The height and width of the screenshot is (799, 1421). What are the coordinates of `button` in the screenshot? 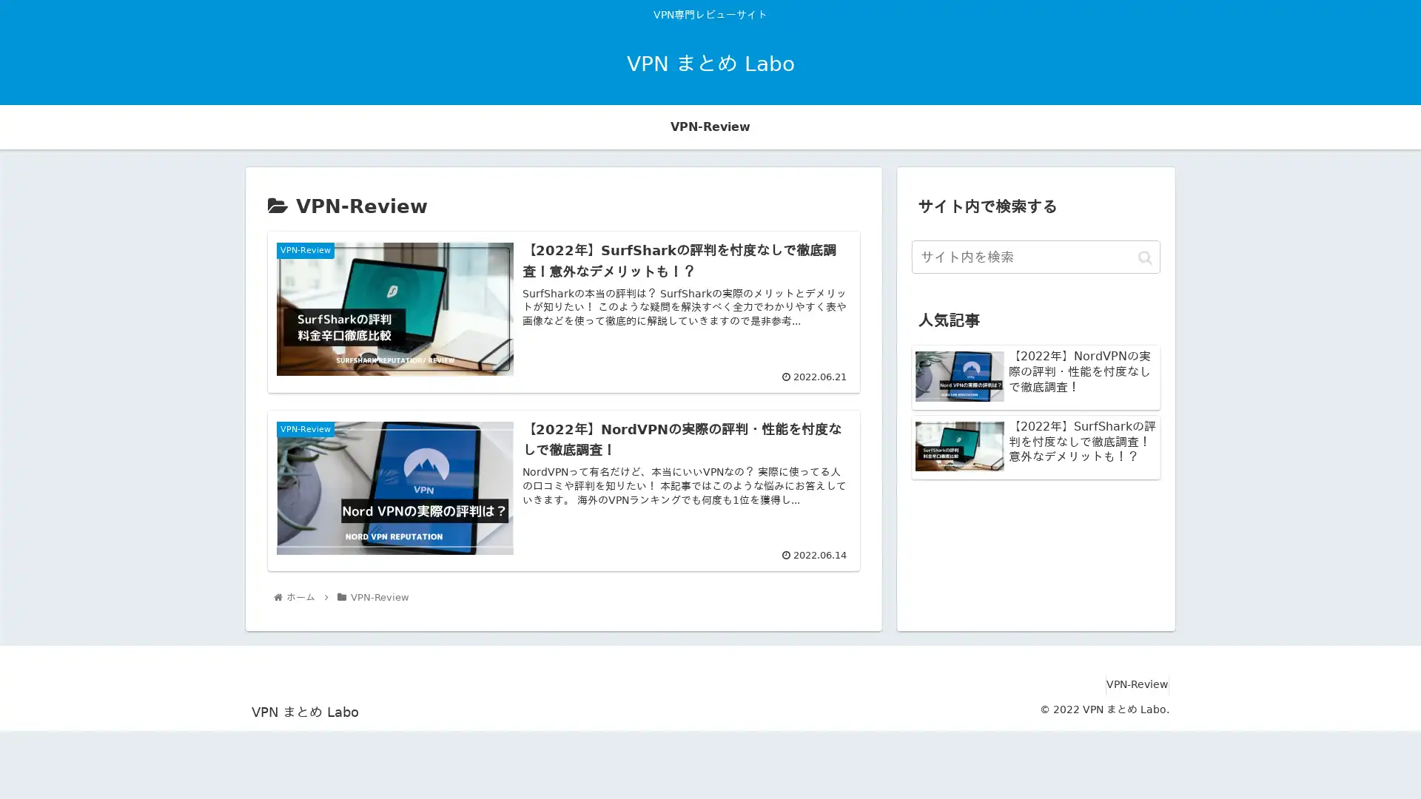 It's located at (1144, 256).